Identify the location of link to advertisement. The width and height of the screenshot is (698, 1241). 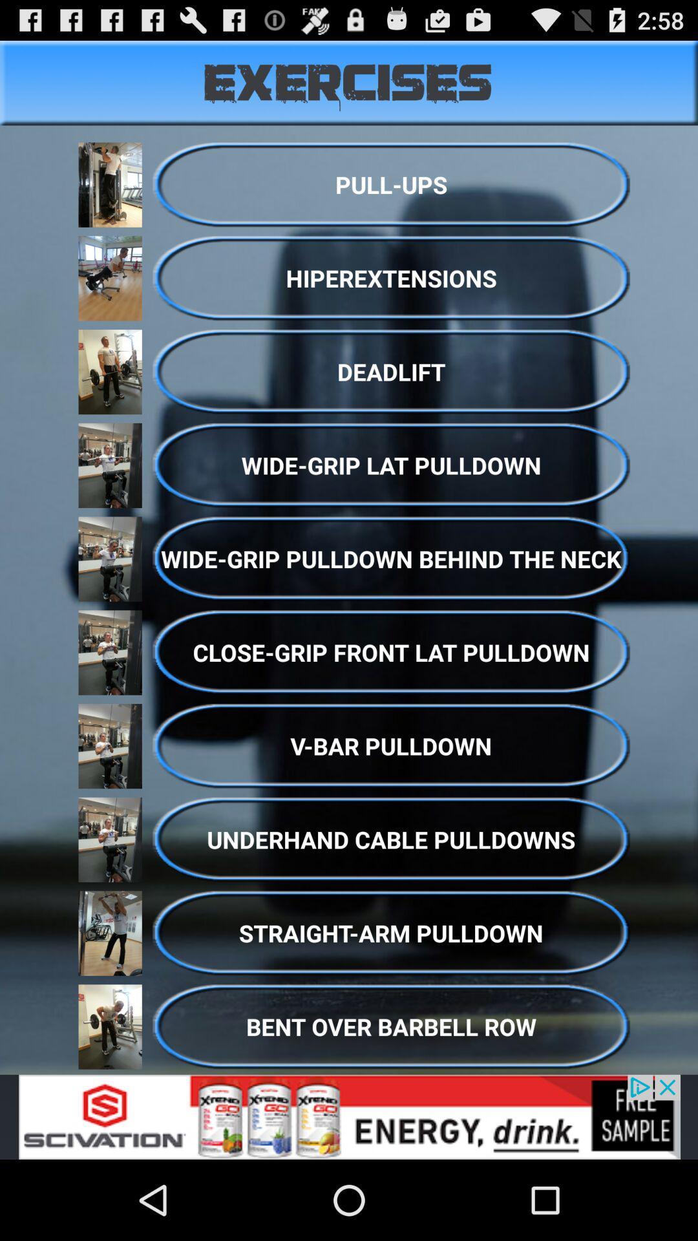
(349, 1116).